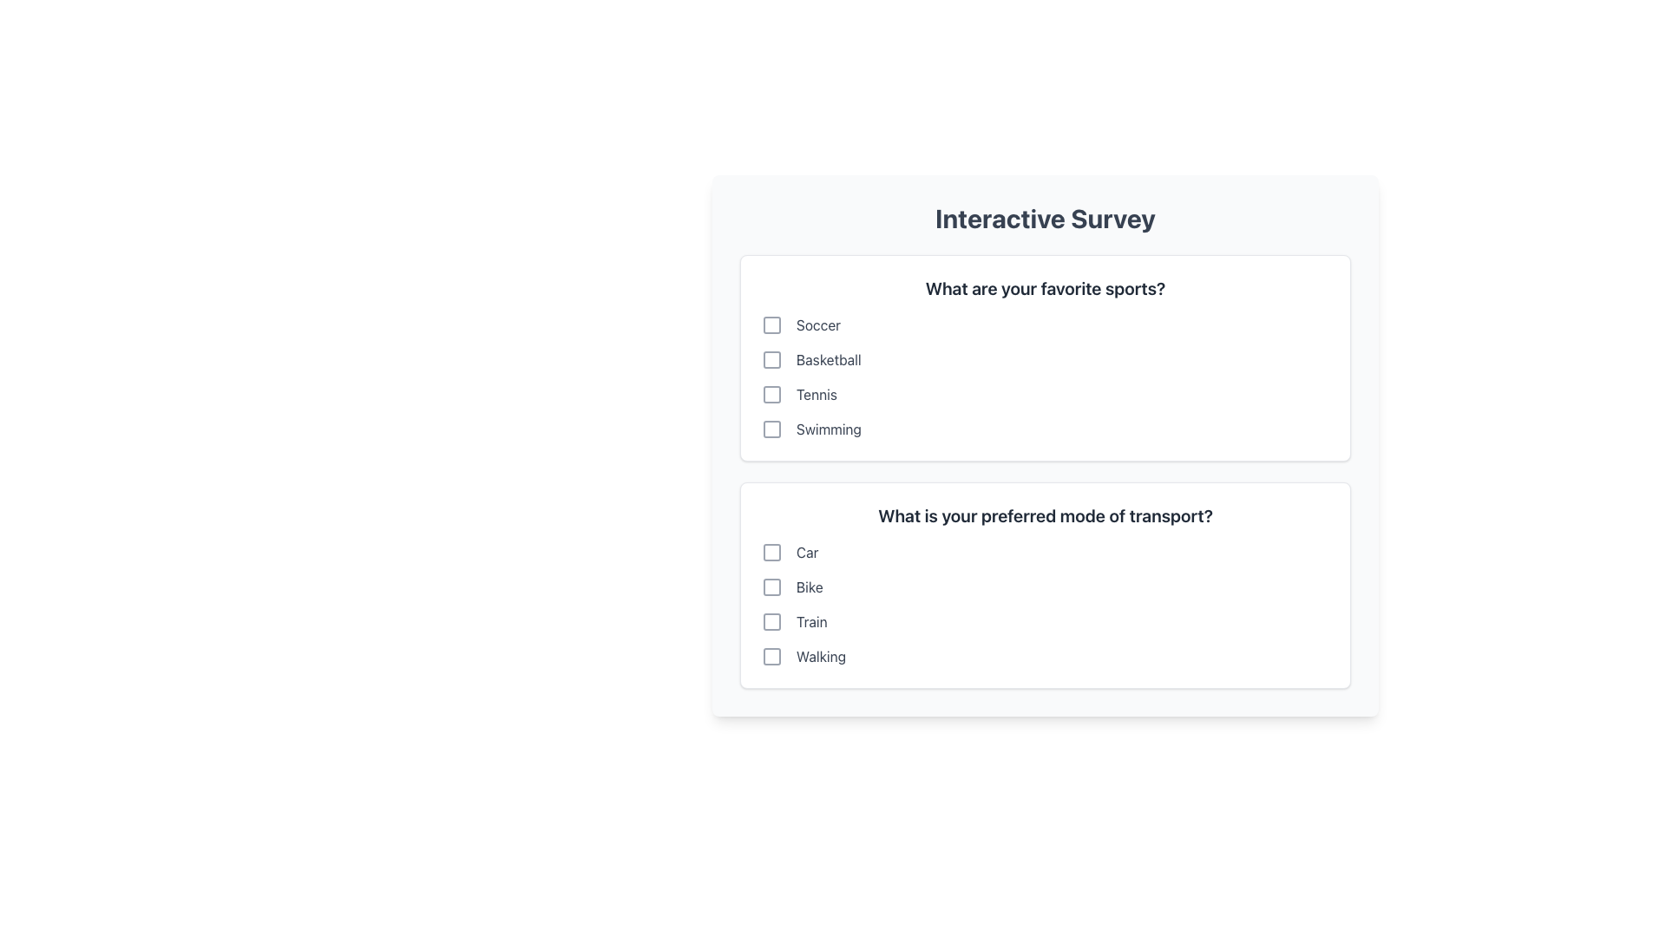 Image resolution: width=1666 pixels, height=937 pixels. I want to click on the 'Car' checkbox, which is the first selectable option in the transport modes list, so click(1044, 552).